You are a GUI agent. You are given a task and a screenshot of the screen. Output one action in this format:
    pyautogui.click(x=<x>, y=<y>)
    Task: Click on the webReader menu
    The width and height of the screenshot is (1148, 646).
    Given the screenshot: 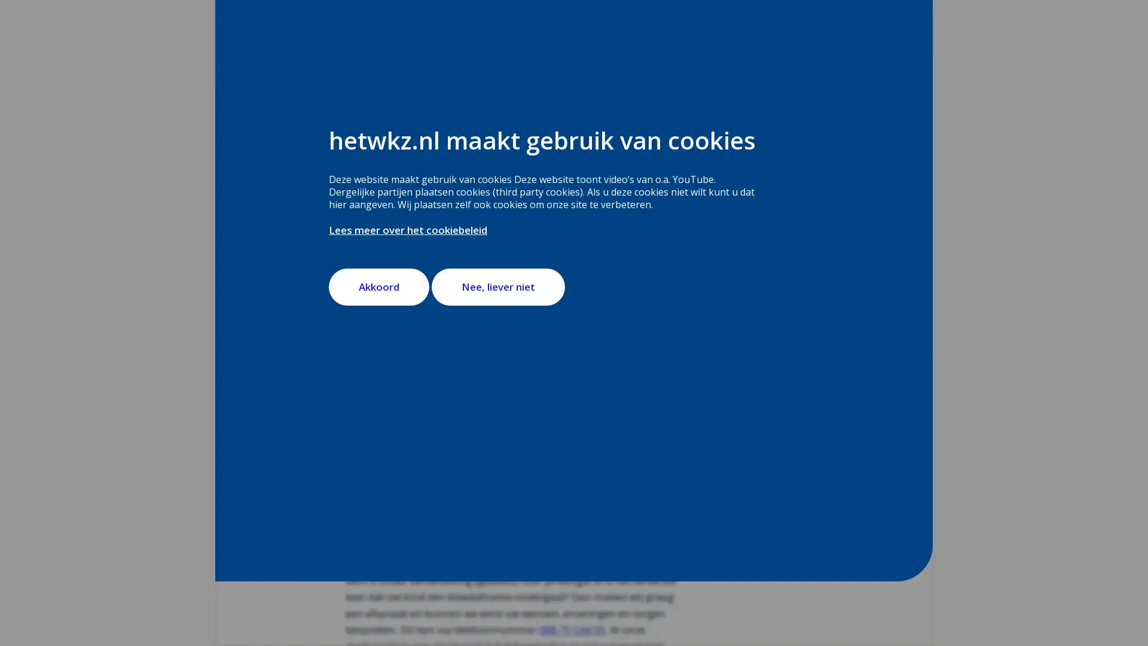 What is the action you would take?
    pyautogui.click(x=355, y=184)
    